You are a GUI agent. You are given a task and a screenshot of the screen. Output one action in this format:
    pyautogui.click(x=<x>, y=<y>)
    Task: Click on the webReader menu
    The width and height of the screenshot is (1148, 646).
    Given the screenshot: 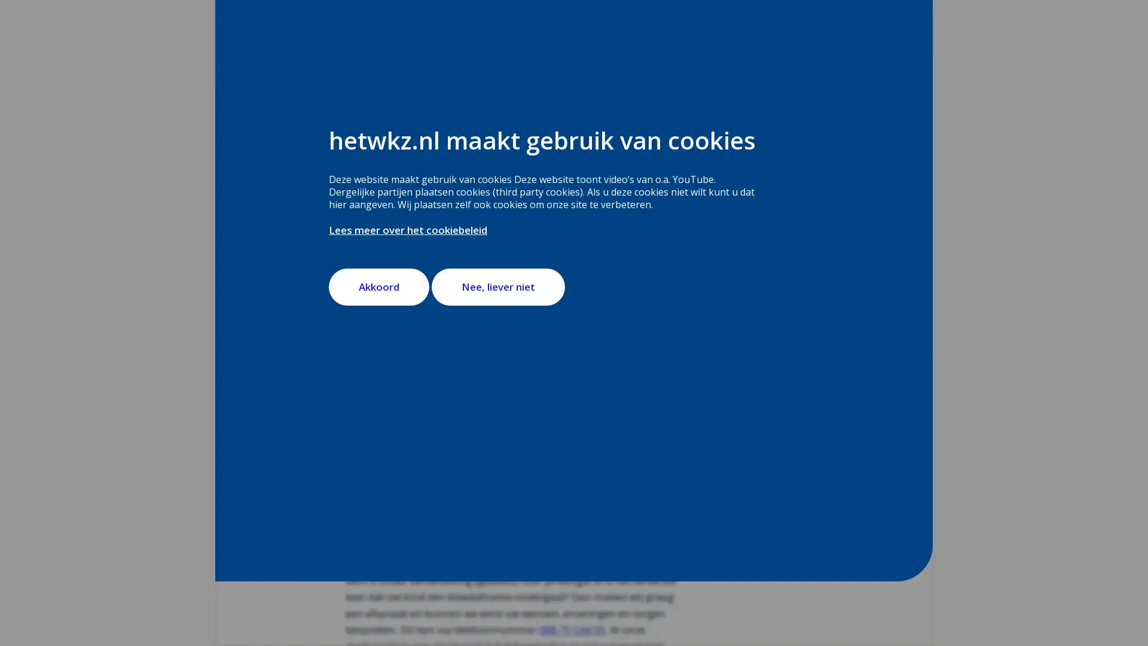 What is the action you would take?
    pyautogui.click(x=355, y=184)
    